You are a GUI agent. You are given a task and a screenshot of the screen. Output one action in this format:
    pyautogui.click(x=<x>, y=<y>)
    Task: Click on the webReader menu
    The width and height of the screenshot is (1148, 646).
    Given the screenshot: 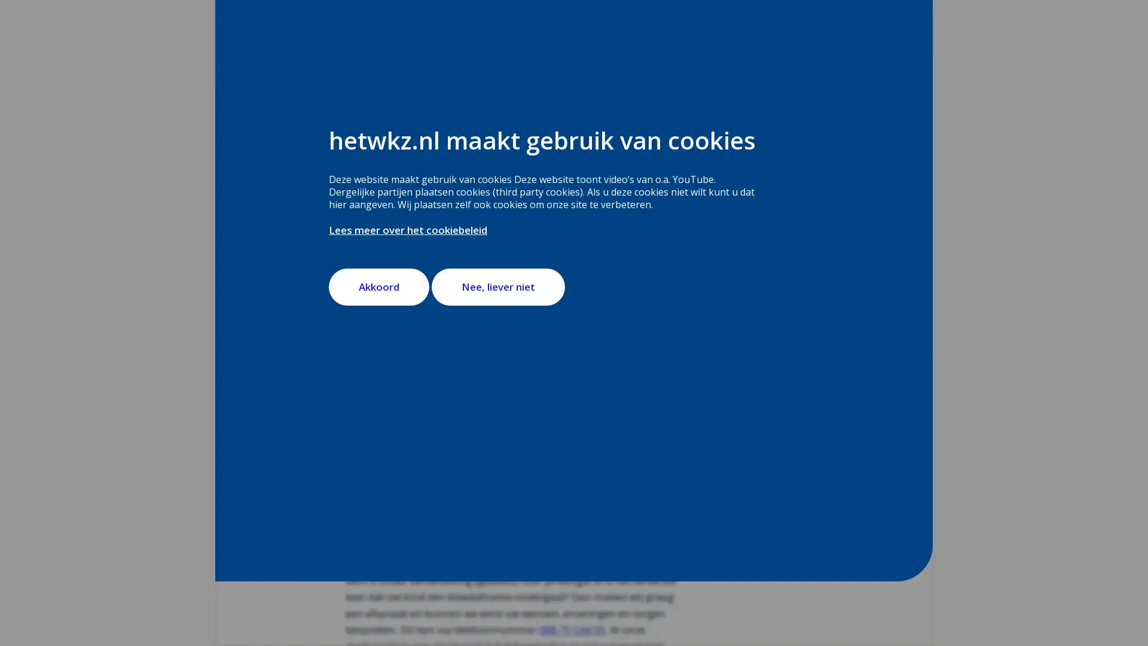 What is the action you would take?
    pyautogui.click(x=355, y=184)
    